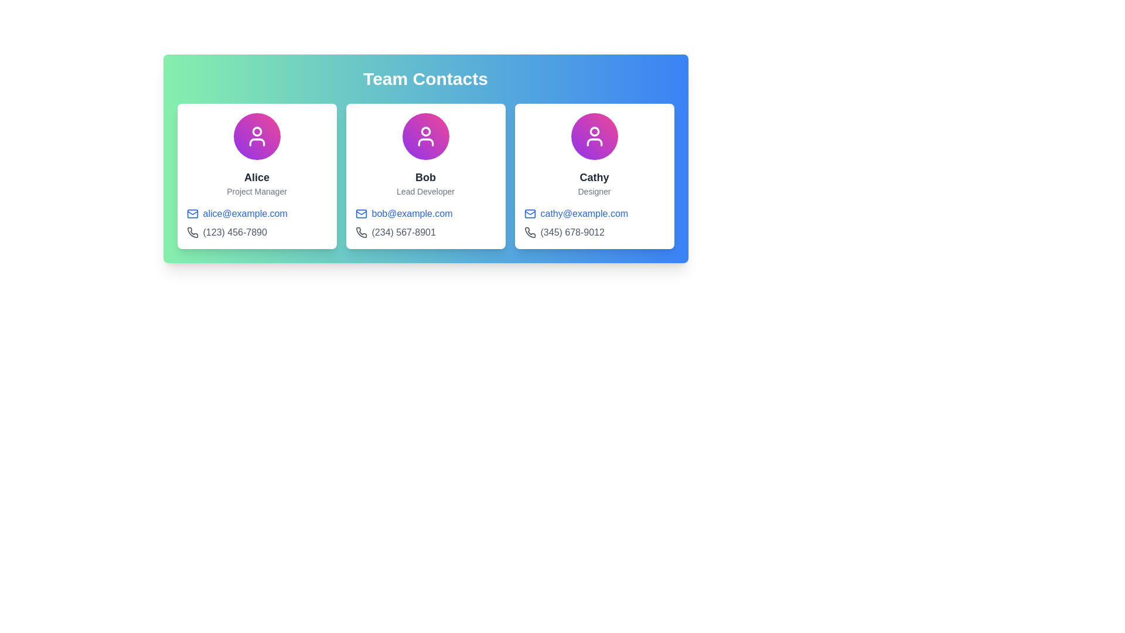 This screenshot has width=1125, height=633. What do you see at coordinates (584, 214) in the screenshot?
I see `the email hyperlink 'cathy@example.com'` at bounding box center [584, 214].